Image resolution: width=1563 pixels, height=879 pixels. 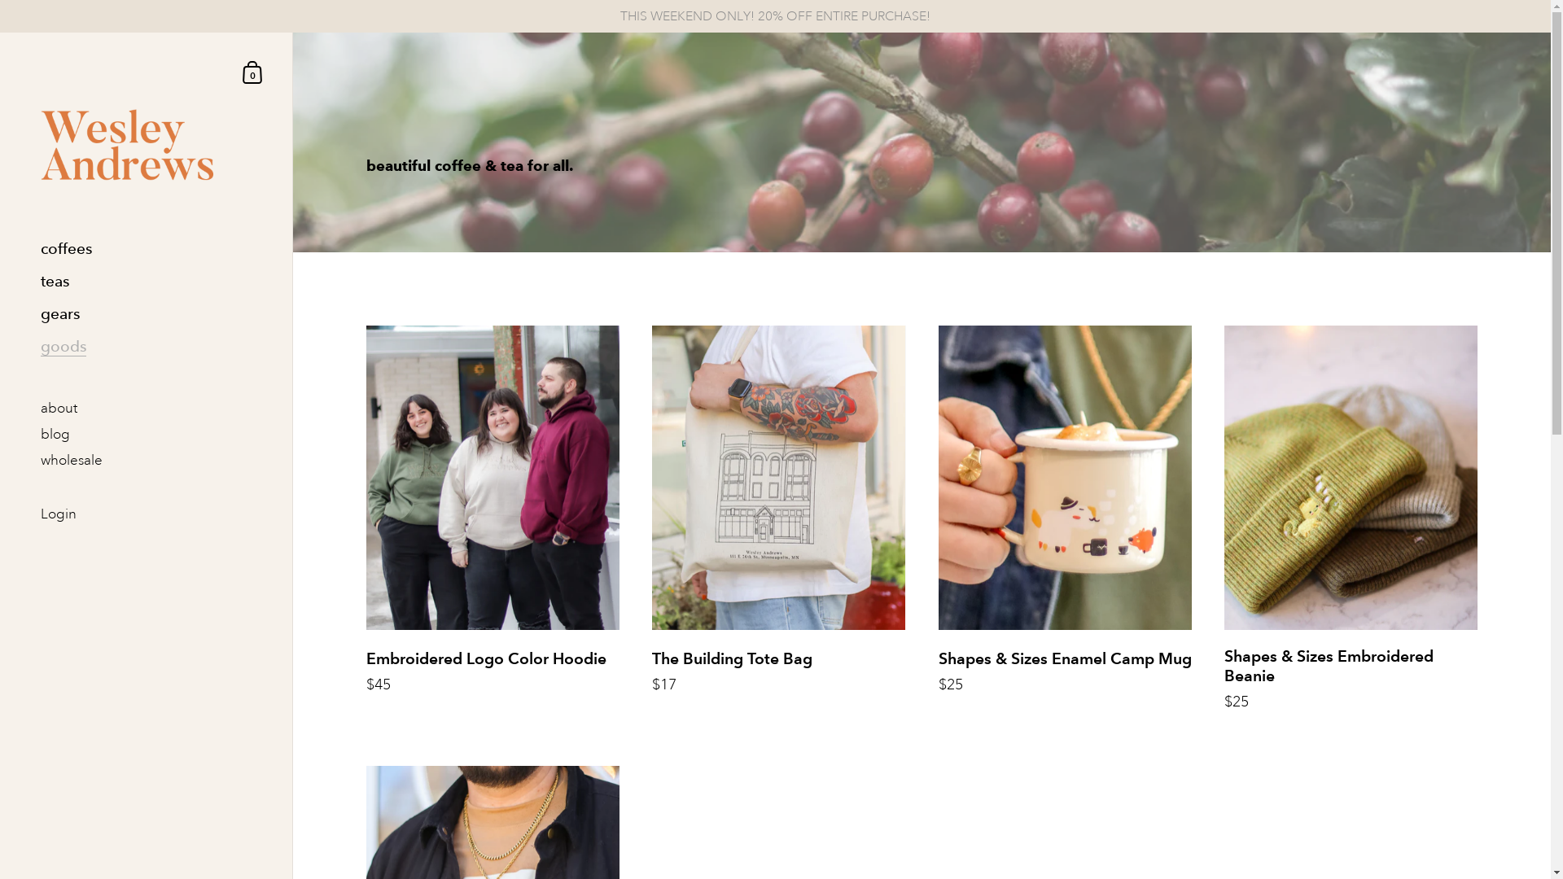 I want to click on 'teas', so click(x=146, y=281).